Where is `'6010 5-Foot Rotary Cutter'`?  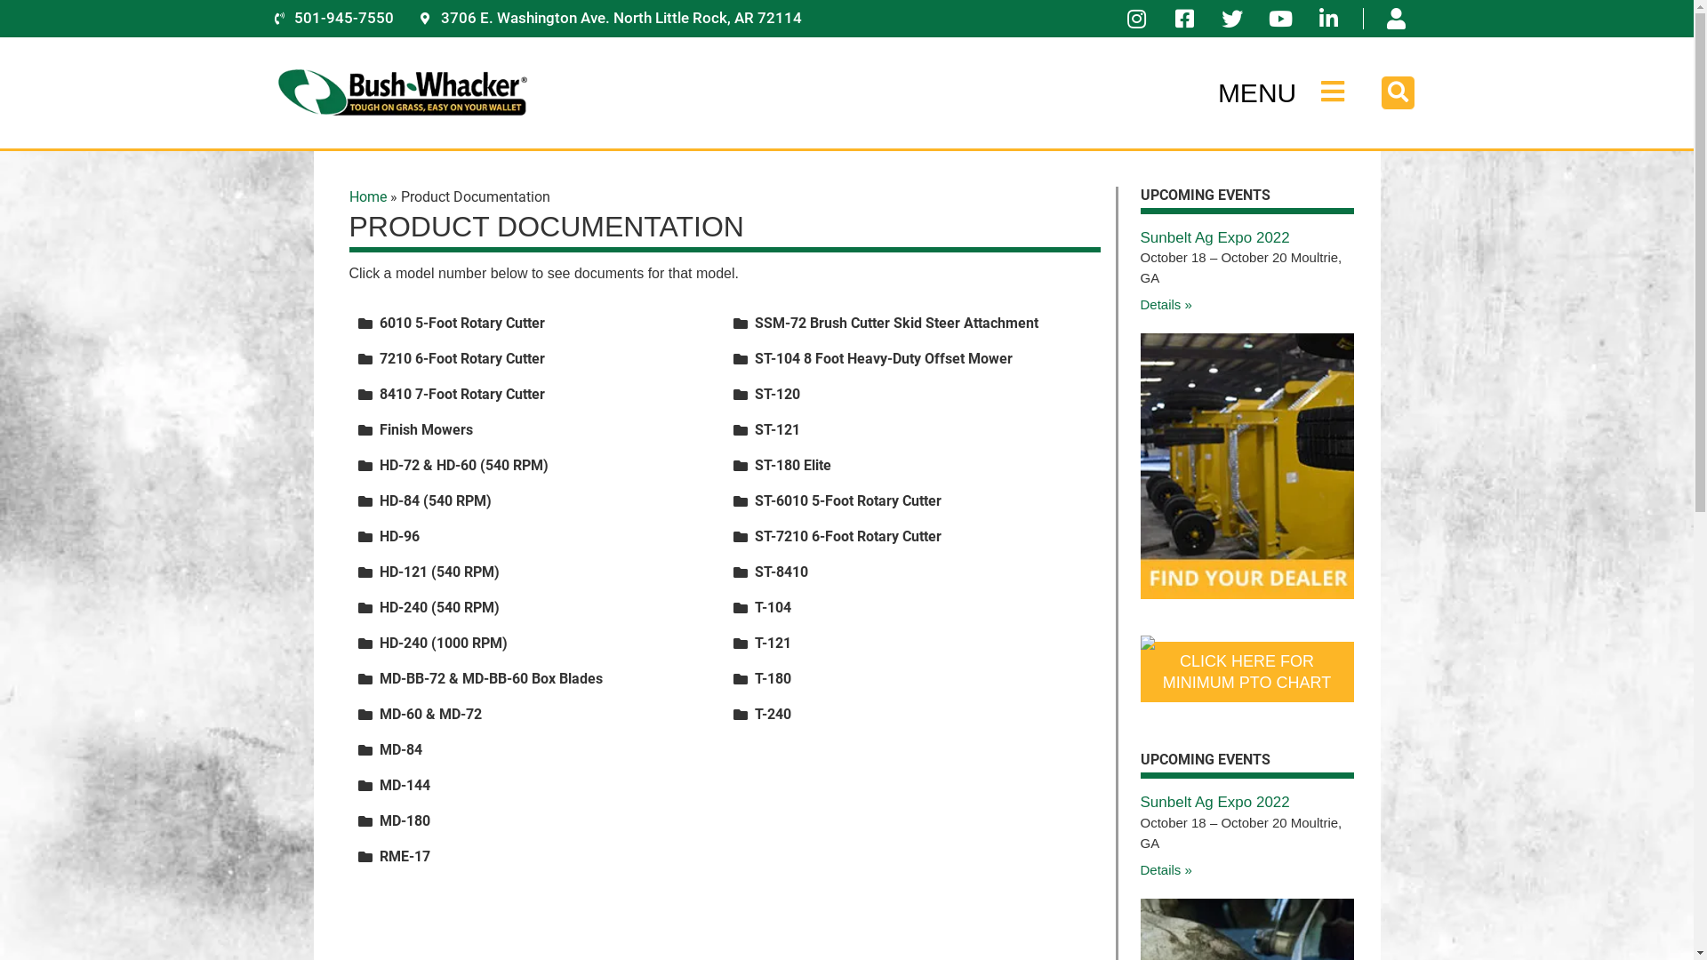 '6010 5-Foot Rotary Cutter' is located at coordinates (461, 323).